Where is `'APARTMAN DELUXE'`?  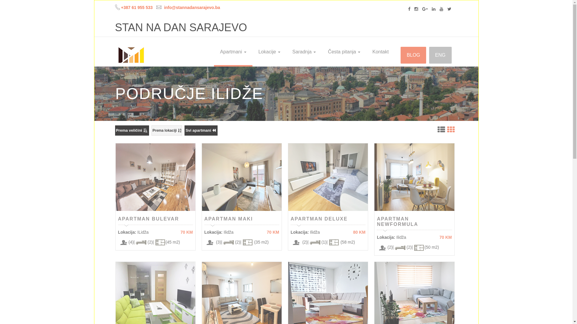
'APARTMAN DELUXE' is located at coordinates (290, 219).